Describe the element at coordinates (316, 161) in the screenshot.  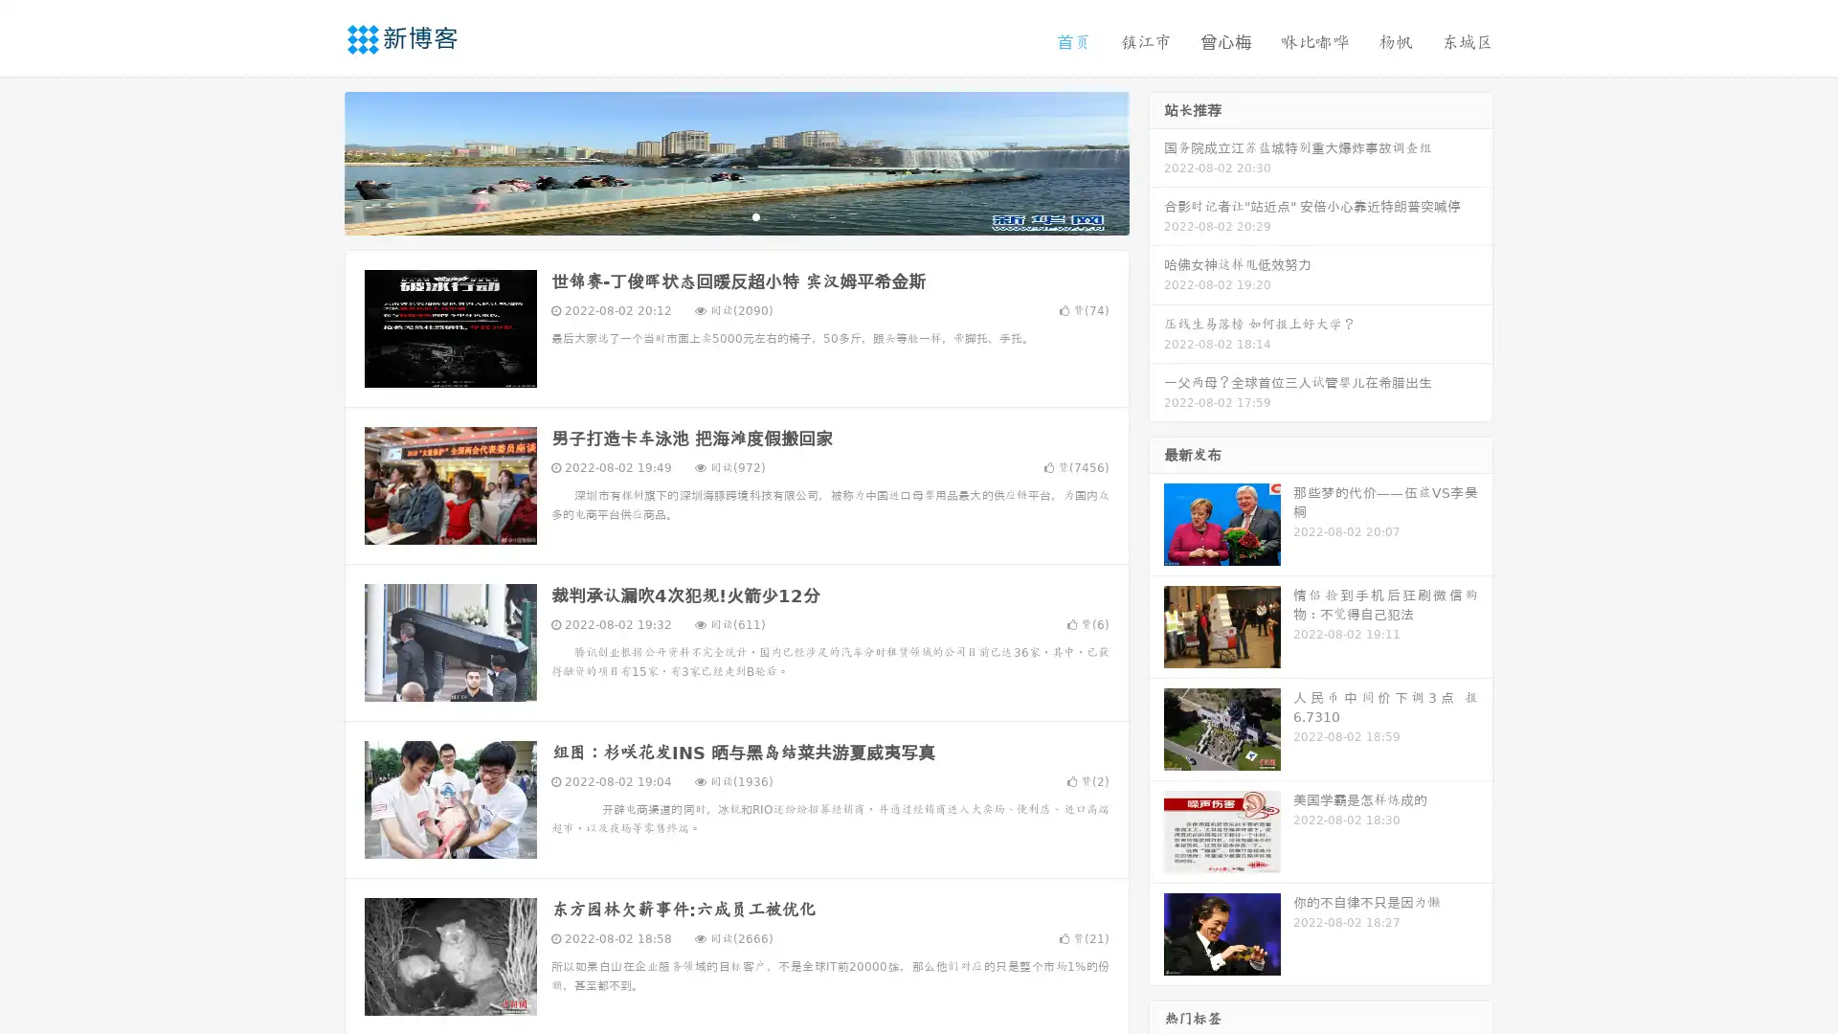
I see `Previous slide` at that location.